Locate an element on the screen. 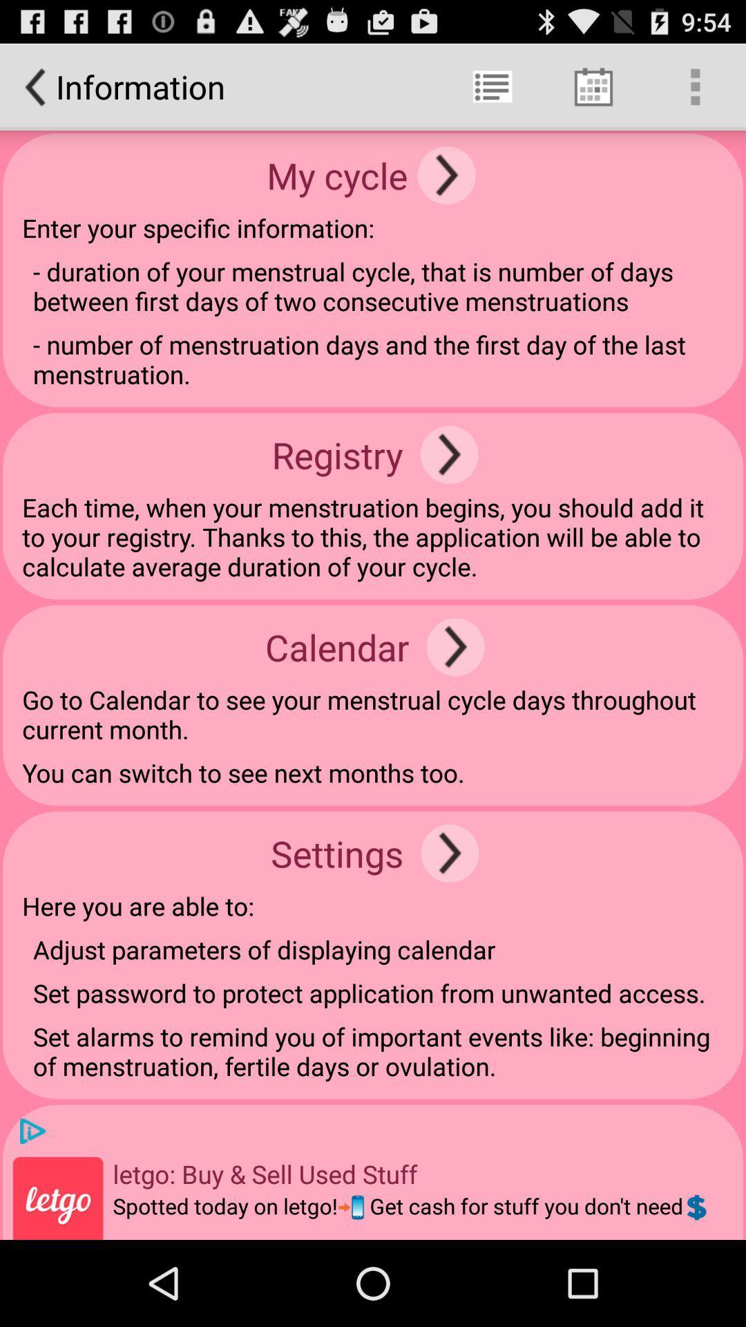 Image resolution: width=746 pixels, height=1327 pixels. the app to the right of the my cycle icon is located at coordinates (446, 174).